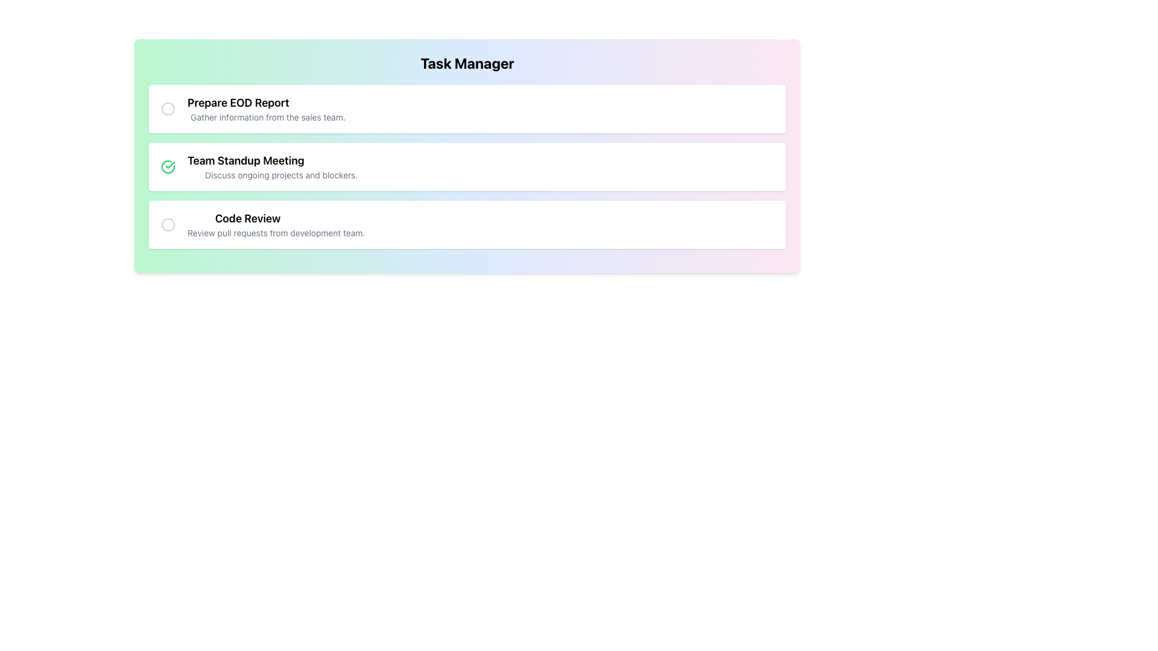 The height and width of the screenshot is (651, 1158). I want to click on the line of small-sized gray text reading 'Review pull requests from development team.' which is located within the third task of a vertical list under 'Code Review', so click(276, 233).